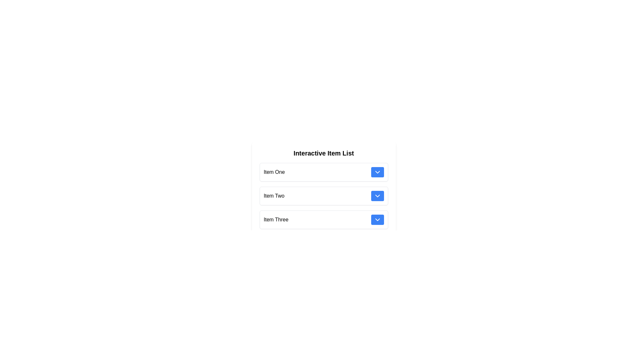  What do you see at coordinates (324, 153) in the screenshot?
I see `the heading or label text that serves as the title for the items 'Item One', 'Item Two', and 'Item Three'` at bounding box center [324, 153].